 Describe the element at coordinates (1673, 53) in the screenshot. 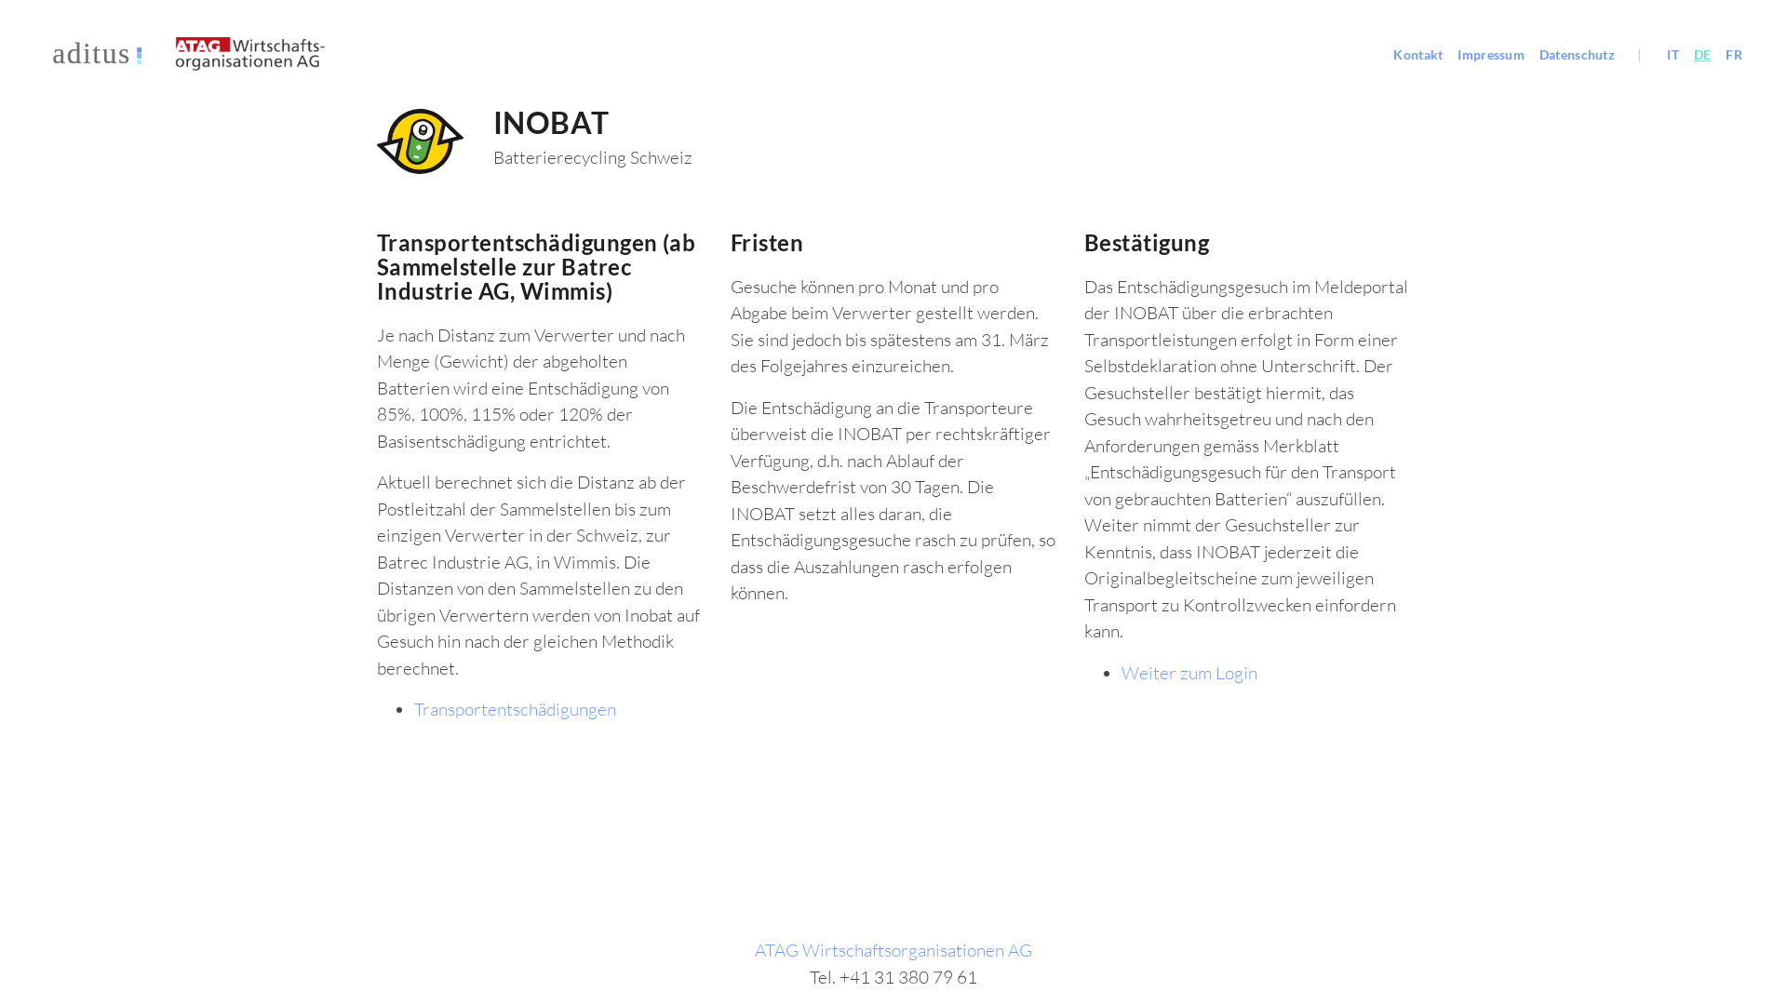

I see `'IT'` at that location.